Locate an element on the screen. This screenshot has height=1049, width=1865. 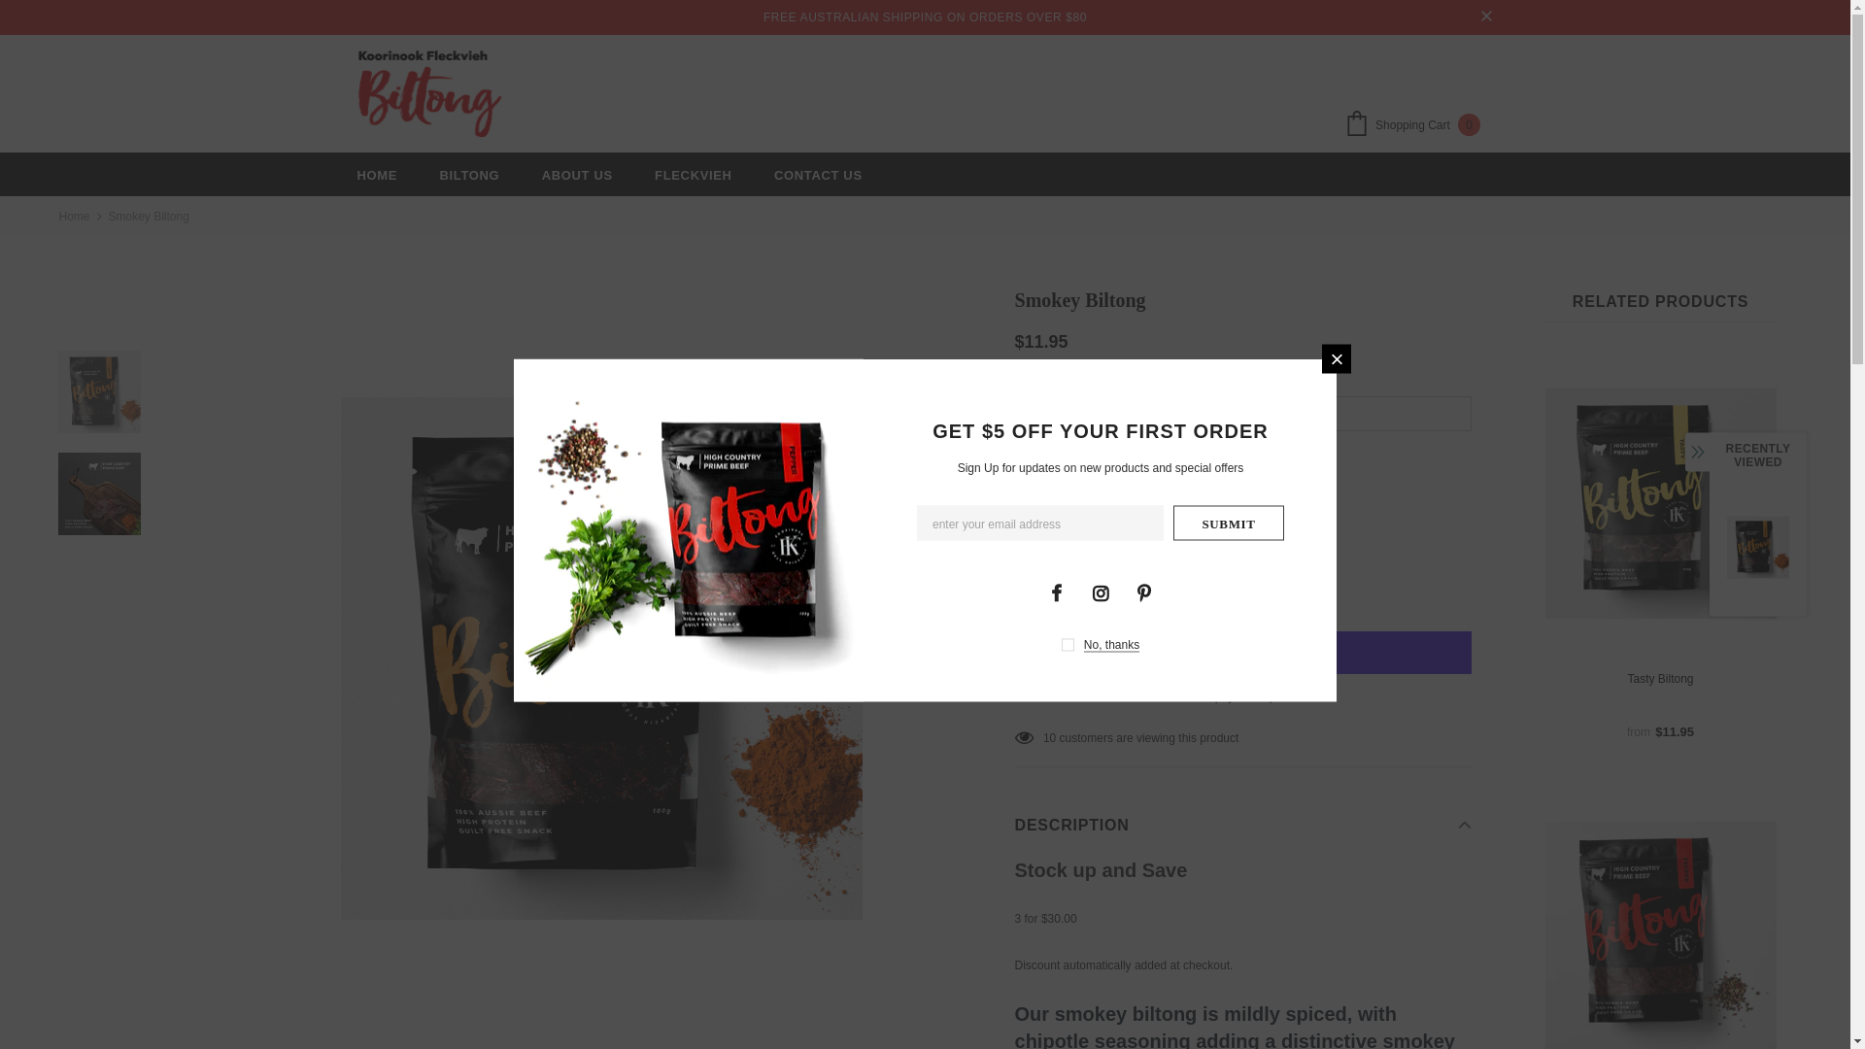
'Shopping Cart 0' is located at coordinates (1417, 126).